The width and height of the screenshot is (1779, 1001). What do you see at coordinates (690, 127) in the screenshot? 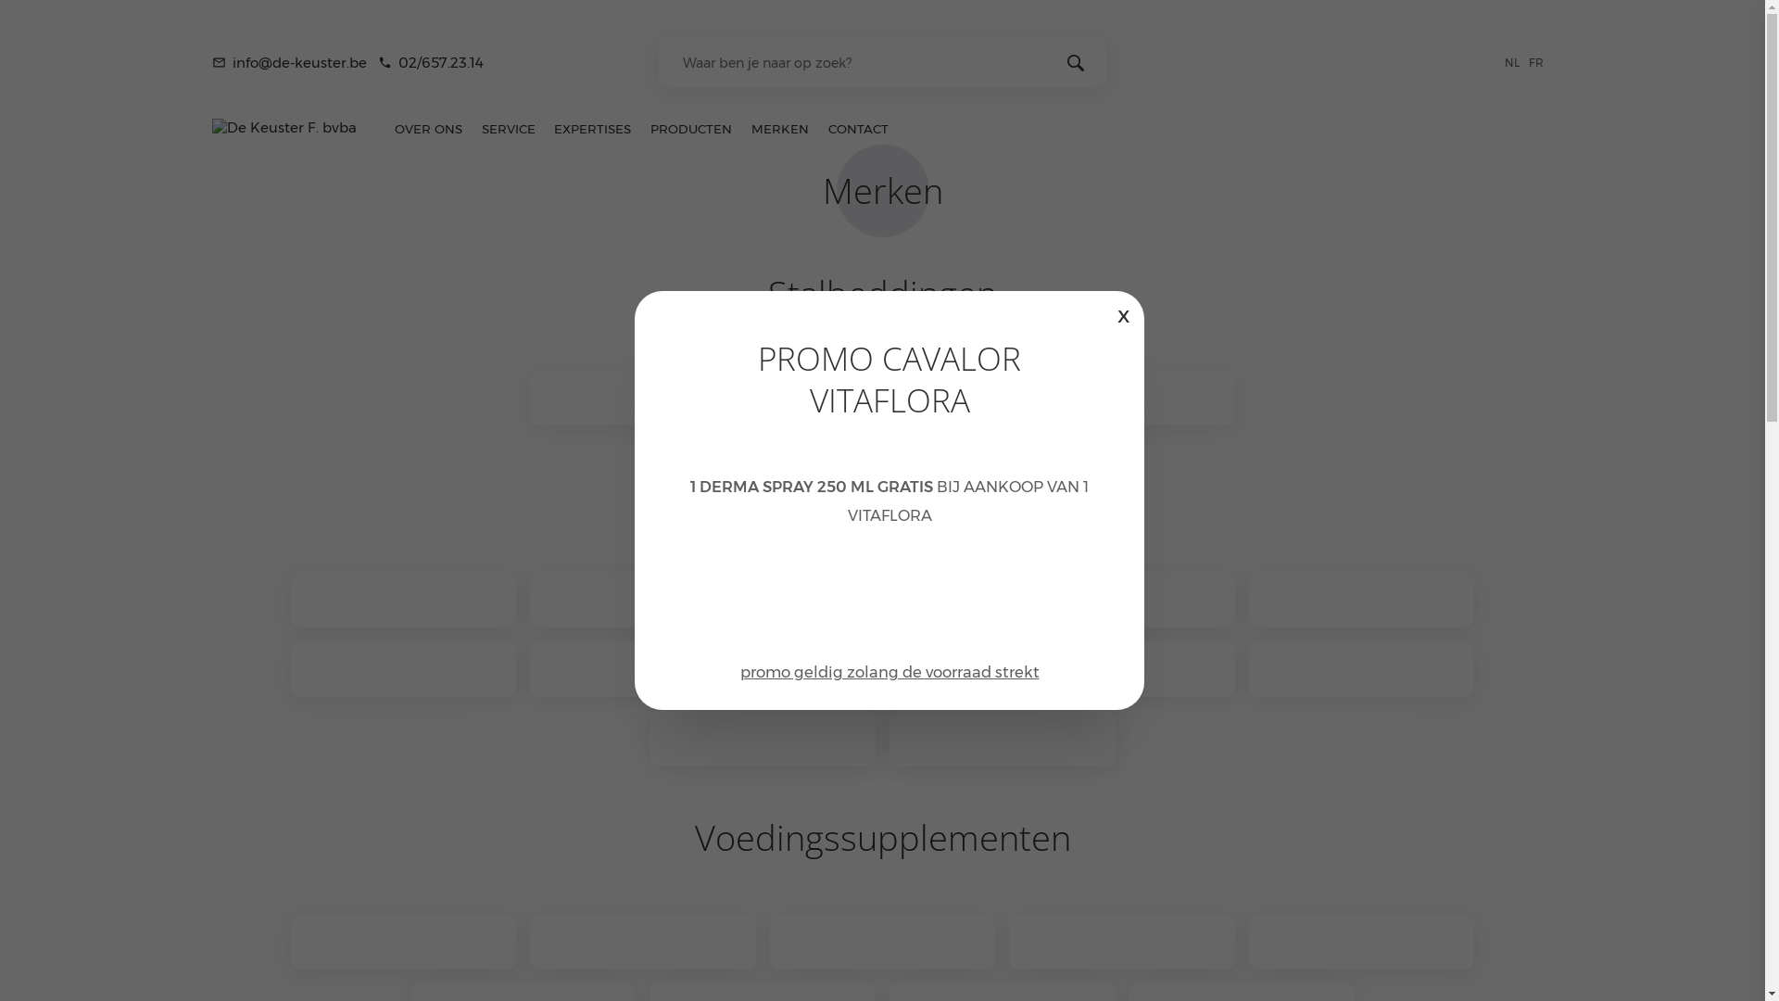
I see `'PRODUCTEN'` at bounding box center [690, 127].